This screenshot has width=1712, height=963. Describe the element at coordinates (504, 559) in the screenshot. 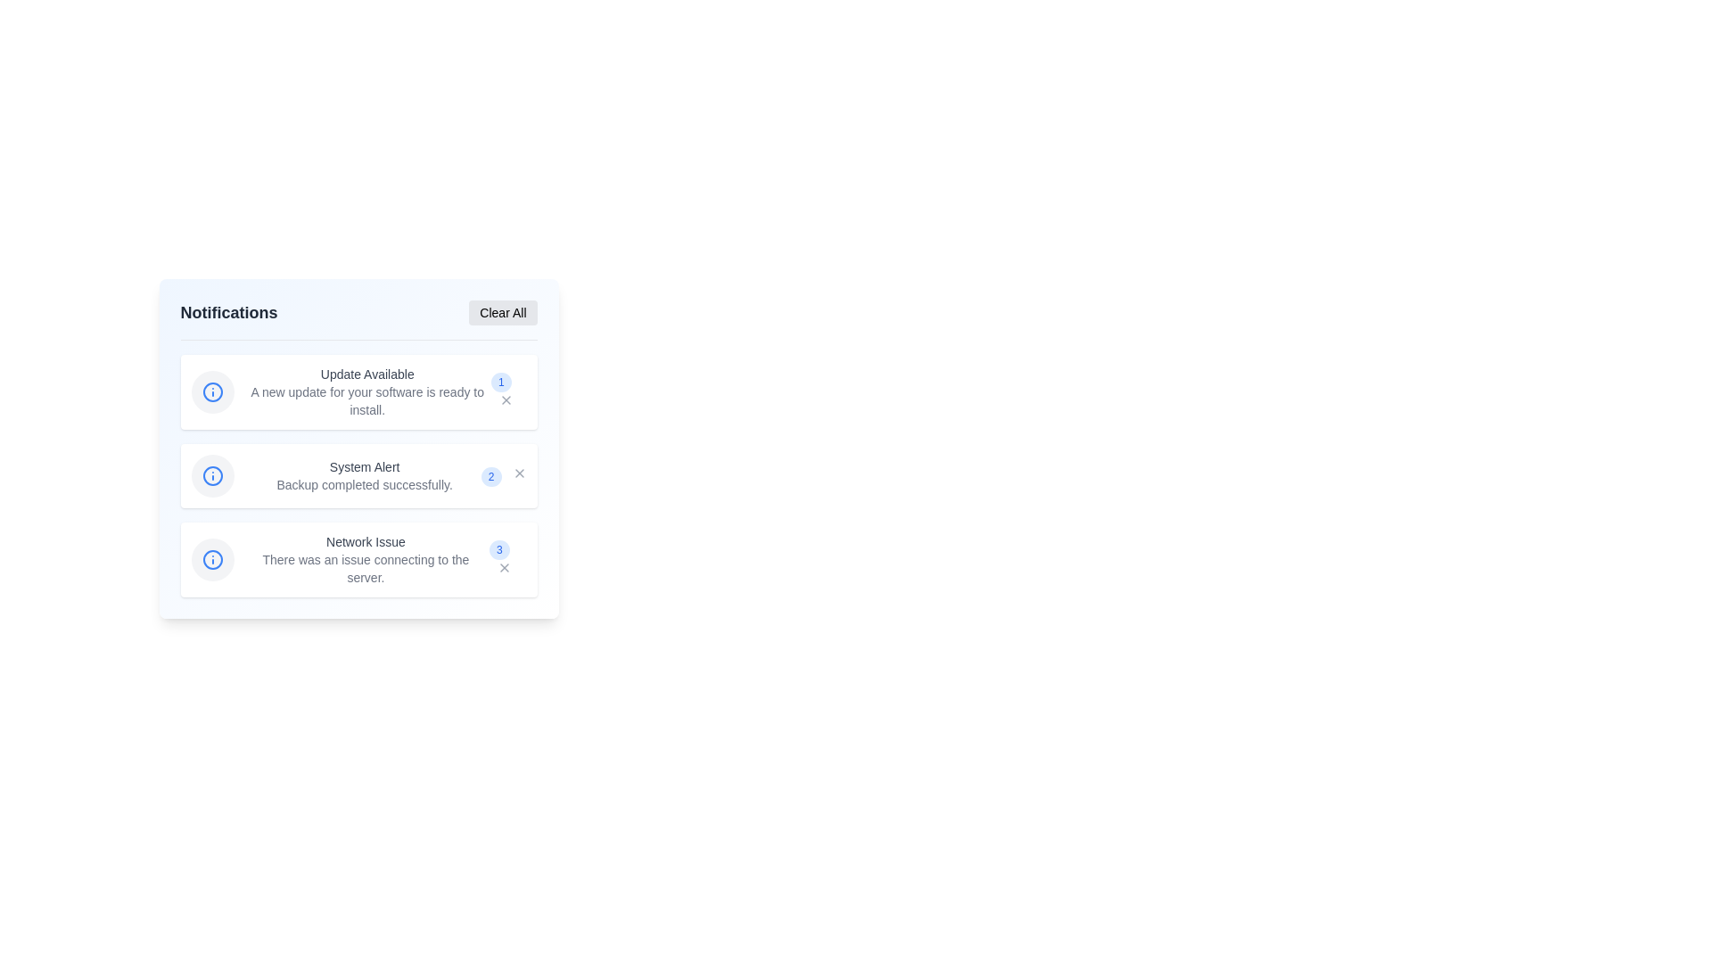

I see `the informational badge indicator located in the bottom right corner of the 'Network Issue' notification card` at that location.